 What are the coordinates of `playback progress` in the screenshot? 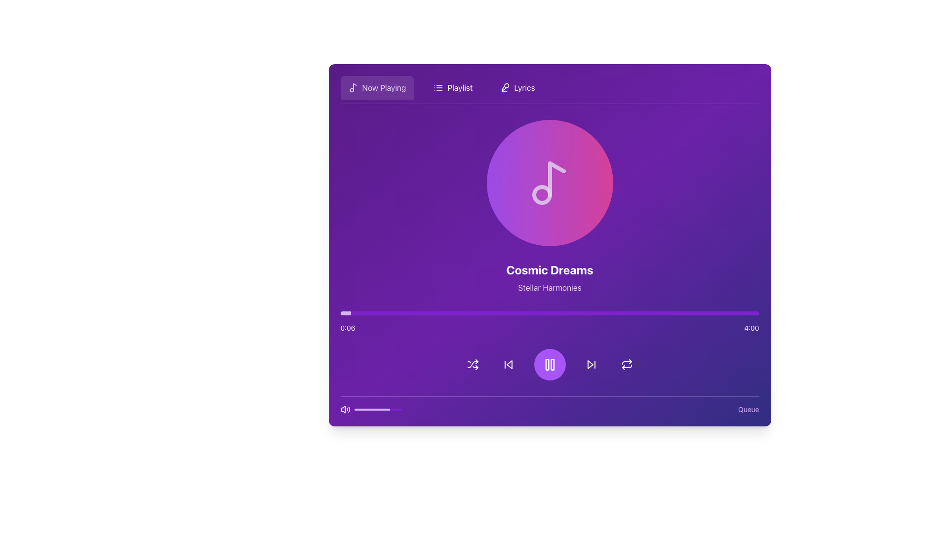 It's located at (461, 313).